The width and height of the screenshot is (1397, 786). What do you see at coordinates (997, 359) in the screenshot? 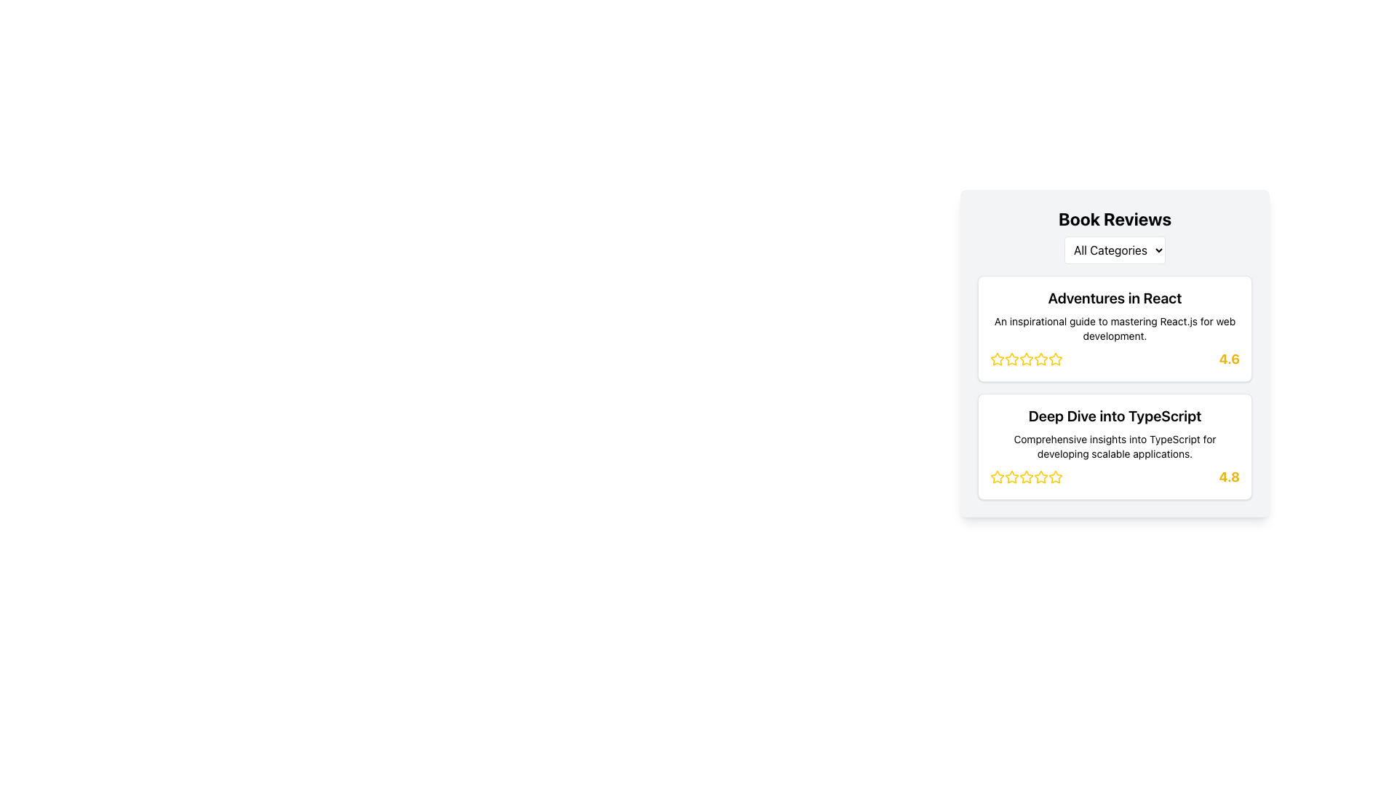
I see `the first star icon, which is a five-pointed star outlined in yellow, to indicate an intended rating for the review titled 'Adventures in React'` at bounding box center [997, 359].